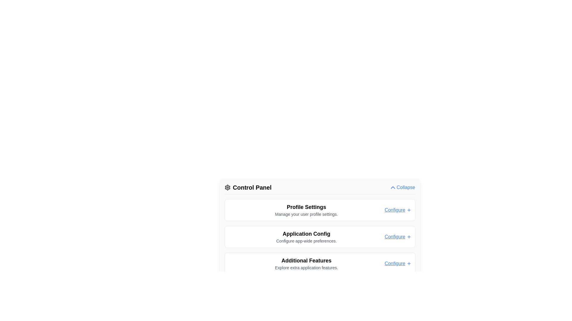 Image resolution: width=572 pixels, height=321 pixels. Describe the element at coordinates (306, 268) in the screenshot. I see `the descriptive text located directly below the 'Additional Features' heading within the 'Control Panel' section` at that location.